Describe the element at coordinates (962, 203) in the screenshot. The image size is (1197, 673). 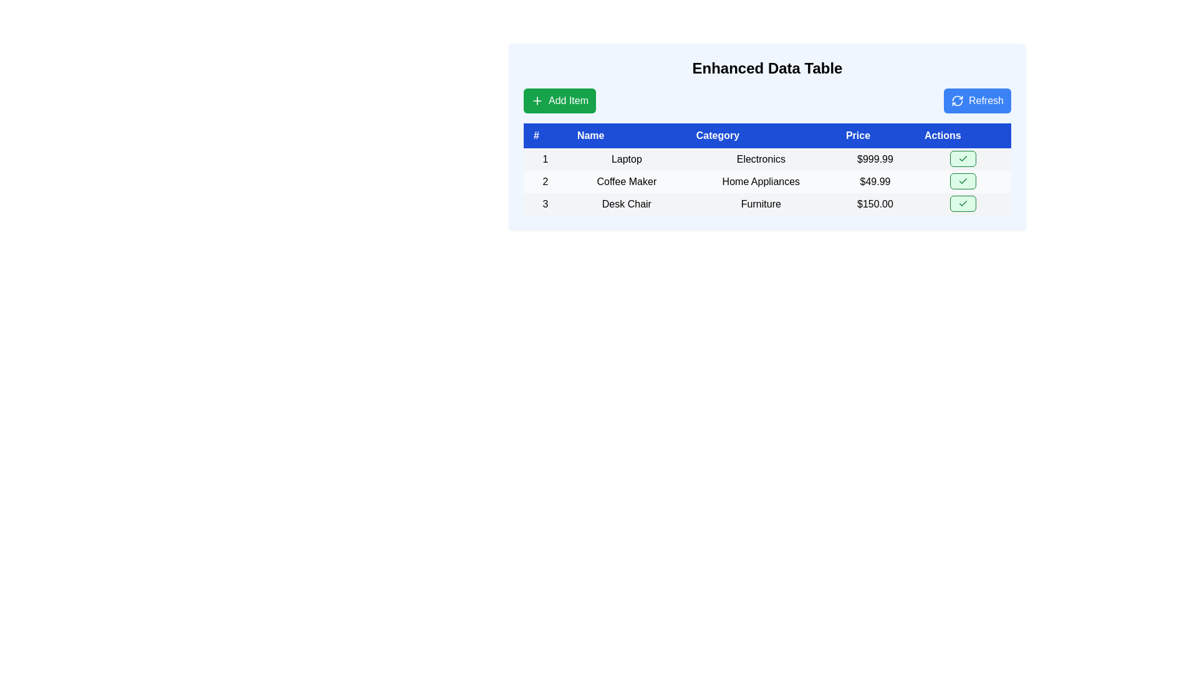
I see `the confirmation button with a checkmark icon located in the 'Actions' column of the third row associated with the 'Desk Chair' entry in the table` at that location.